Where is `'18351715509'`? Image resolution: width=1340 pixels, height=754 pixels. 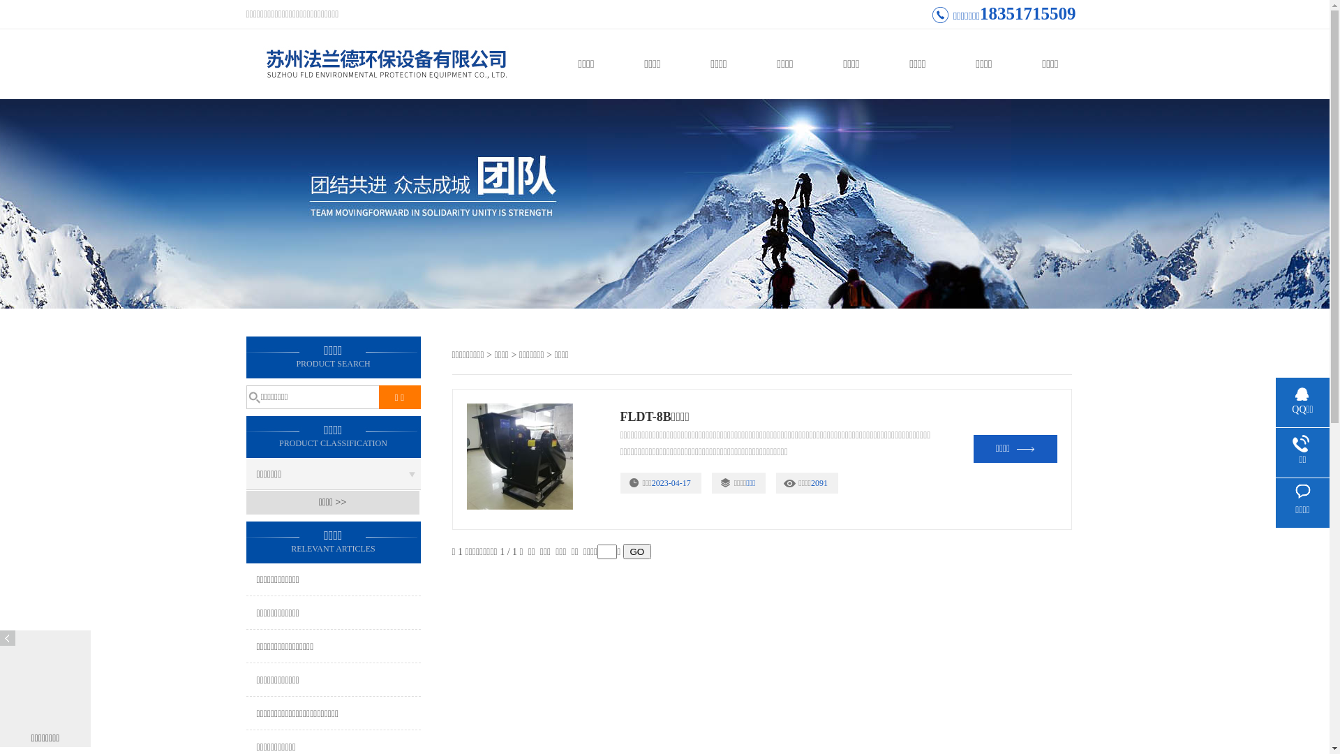 '18351715509' is located at coordinates (1028, 13).